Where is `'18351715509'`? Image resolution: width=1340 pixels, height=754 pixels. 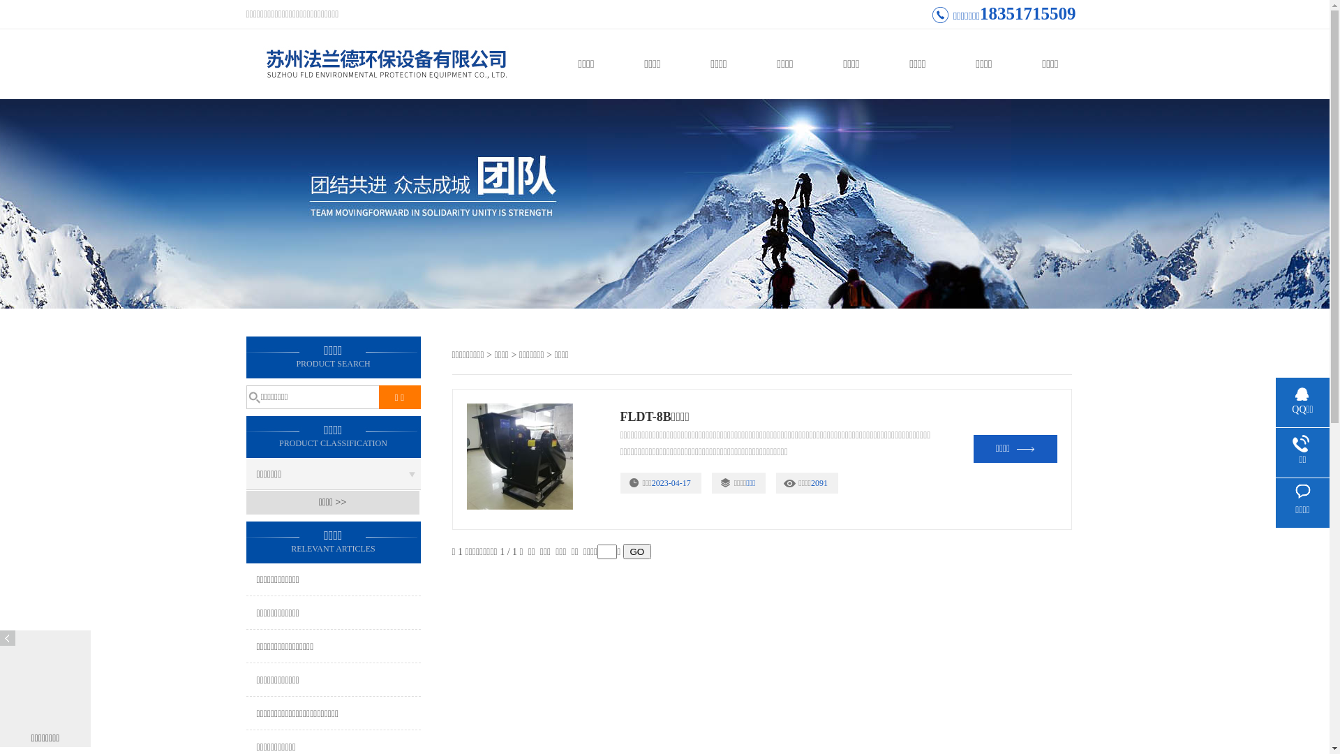 '18351715509' is located at coordinates (1028, 13).